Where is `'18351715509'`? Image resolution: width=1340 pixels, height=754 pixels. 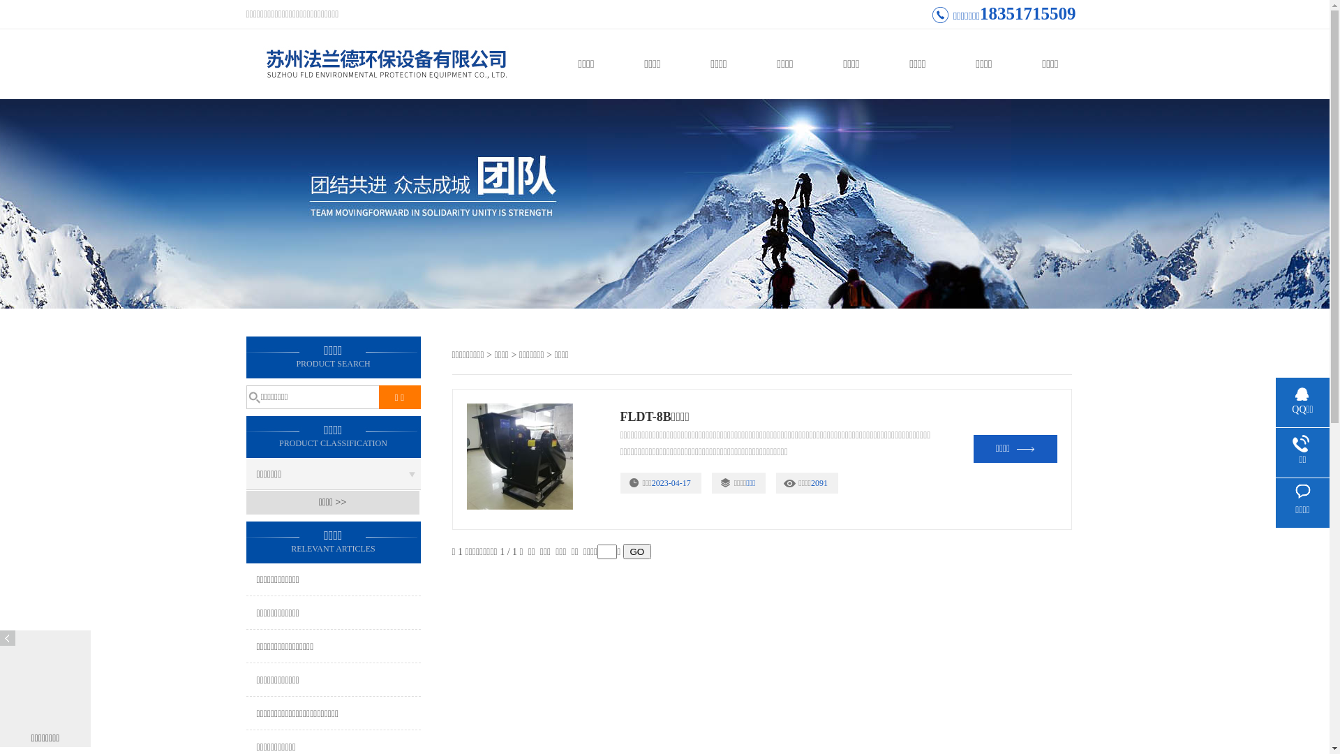 '18351715509' is located at coordinates (1028, 13).